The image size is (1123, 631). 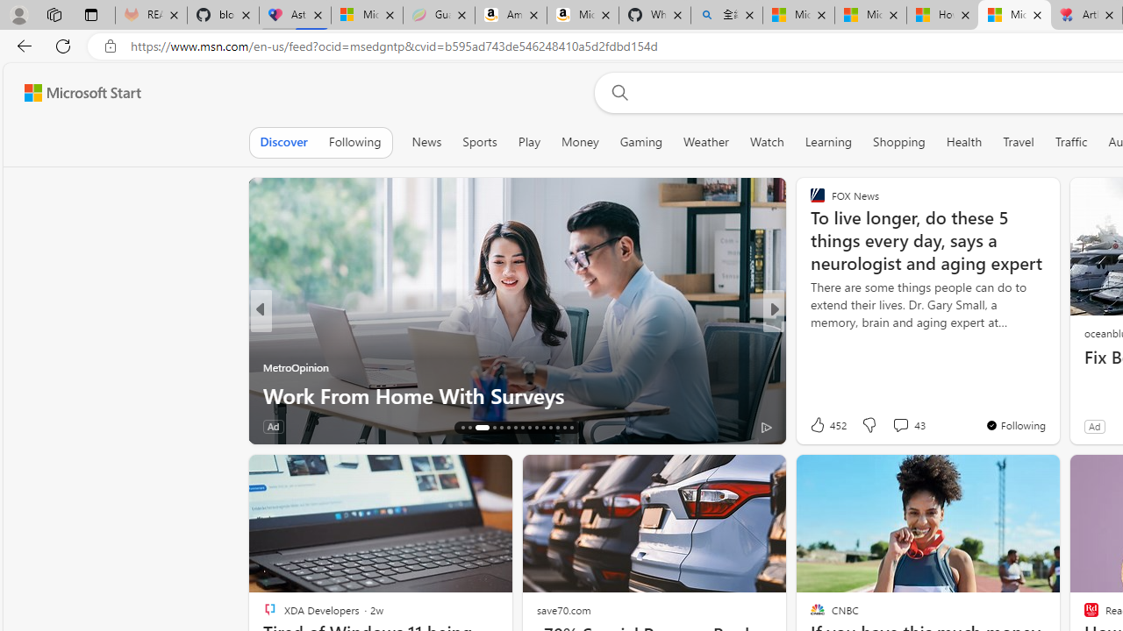 What do you see at coordinates (570, 428) in the screenshot?
I see `'AutomationID: tab-30'` at bounding box center [570, 428].